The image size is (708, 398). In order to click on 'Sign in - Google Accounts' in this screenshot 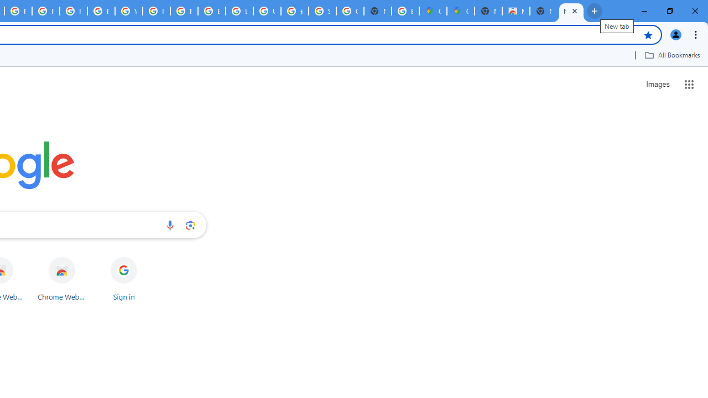, I will do `click(322, 11)`.